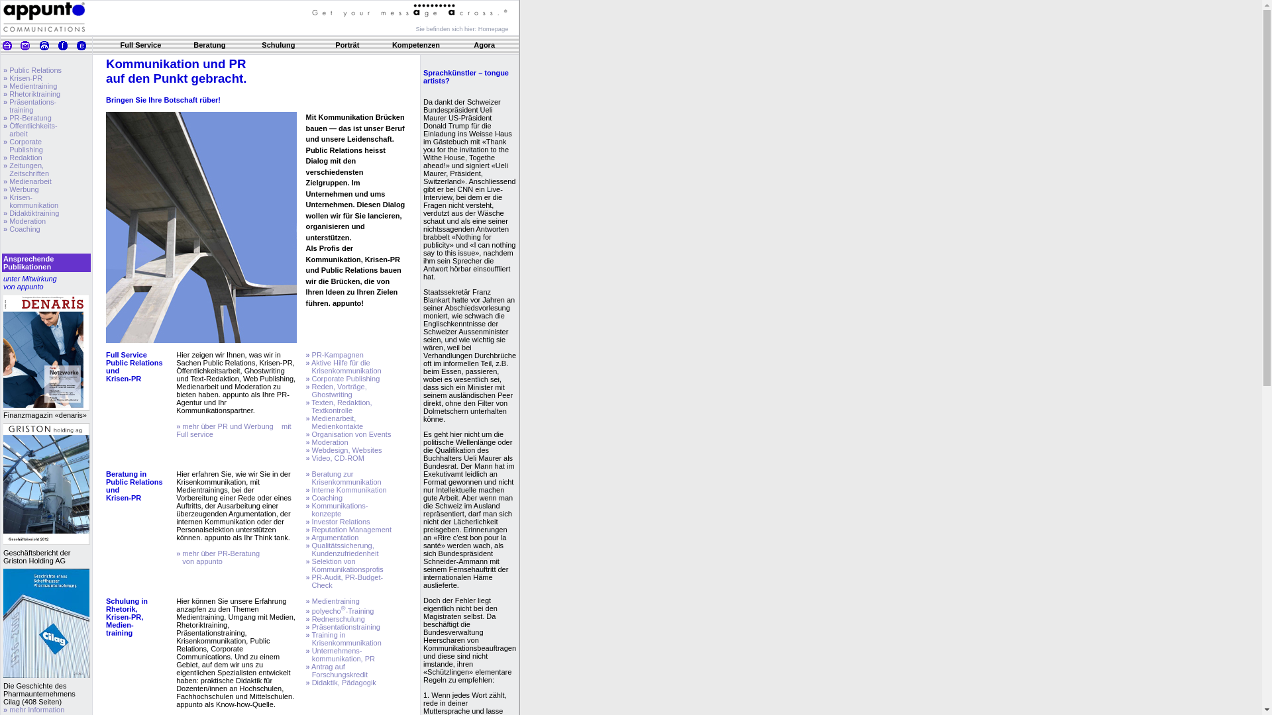 The width and height of the screenshot is (1272, 715). I want to click on ' Medienarbeit', so click(29, 181).